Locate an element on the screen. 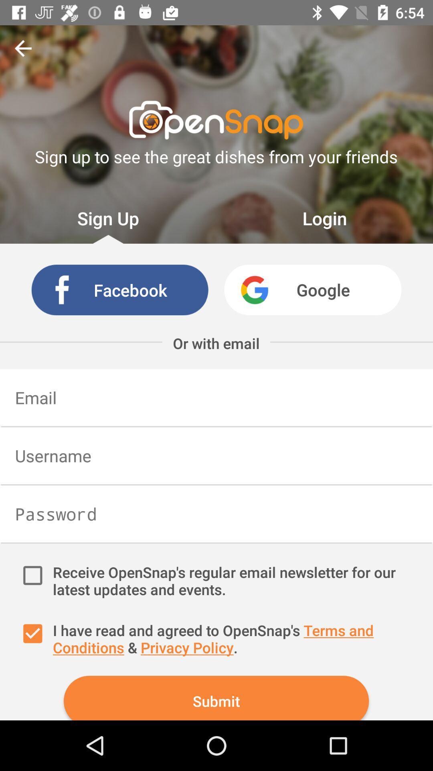 The height and width of the screenshot is (771, 433). the arrow_backward icon is located at coordinates (22, 48).